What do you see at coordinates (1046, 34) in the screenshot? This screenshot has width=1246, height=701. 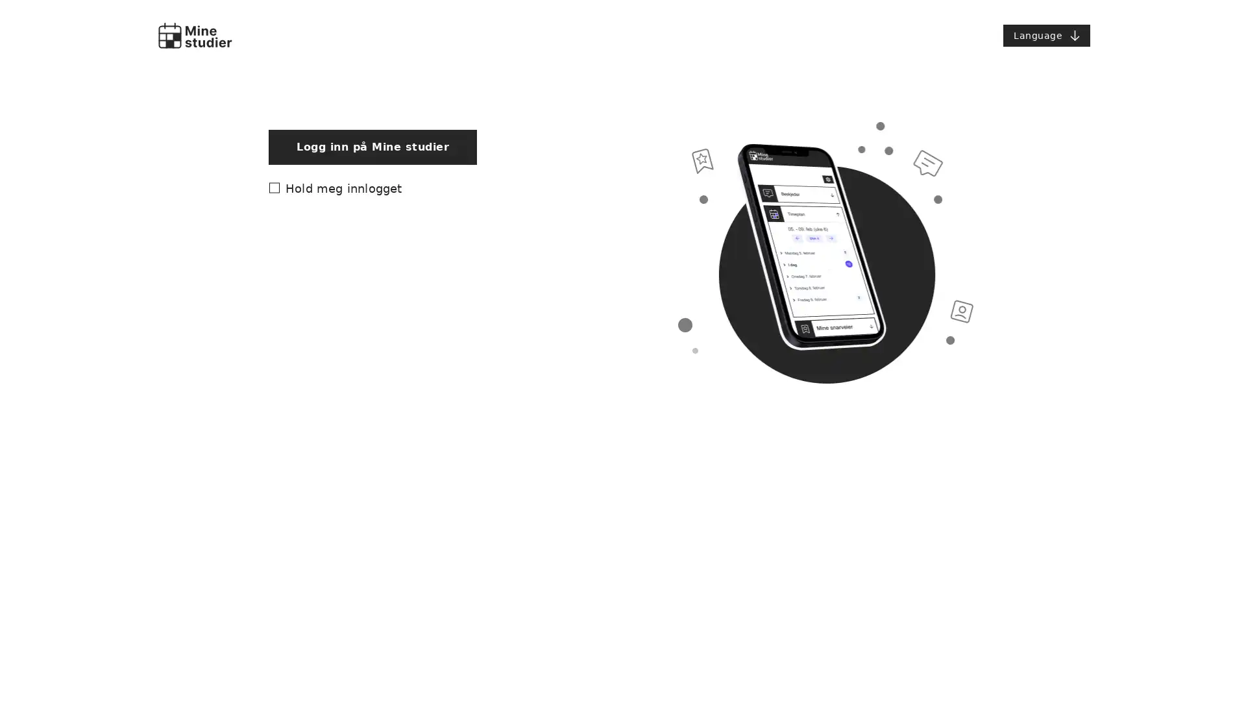 I see `Meny` at bounding box center [1046, 34].